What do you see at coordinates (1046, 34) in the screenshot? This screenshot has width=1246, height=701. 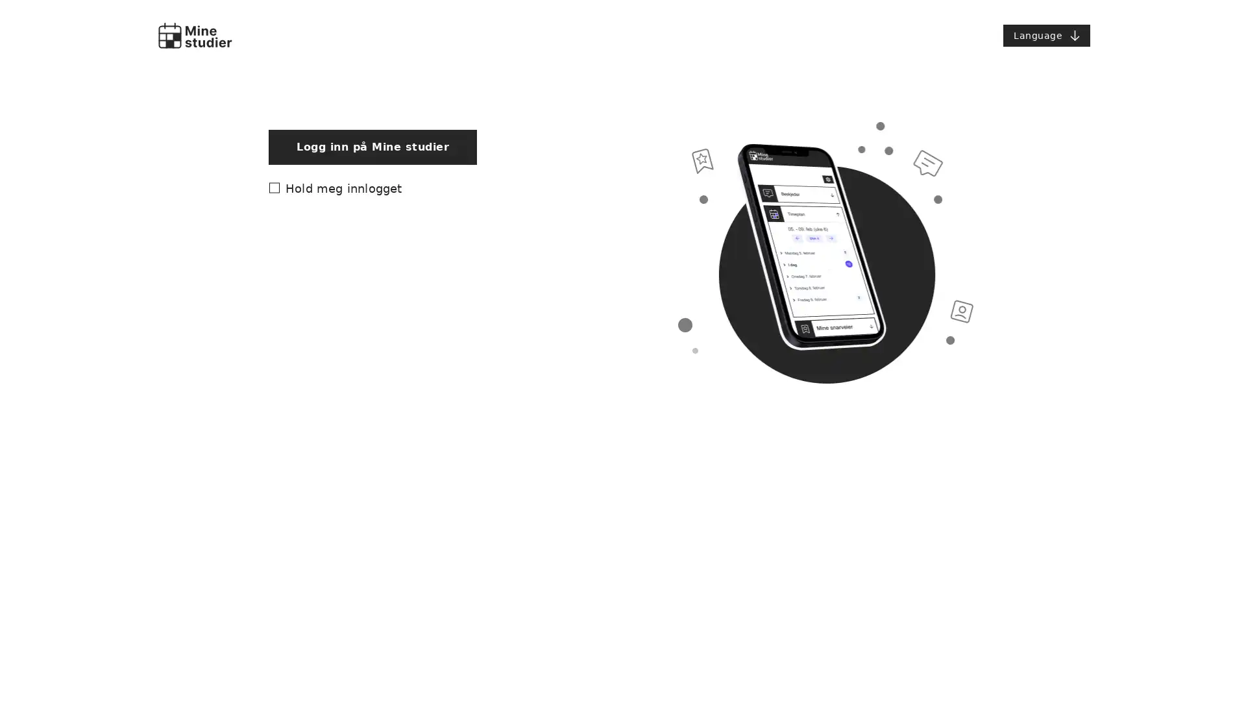 I see `Meny` at bounding box center [1046, 34].